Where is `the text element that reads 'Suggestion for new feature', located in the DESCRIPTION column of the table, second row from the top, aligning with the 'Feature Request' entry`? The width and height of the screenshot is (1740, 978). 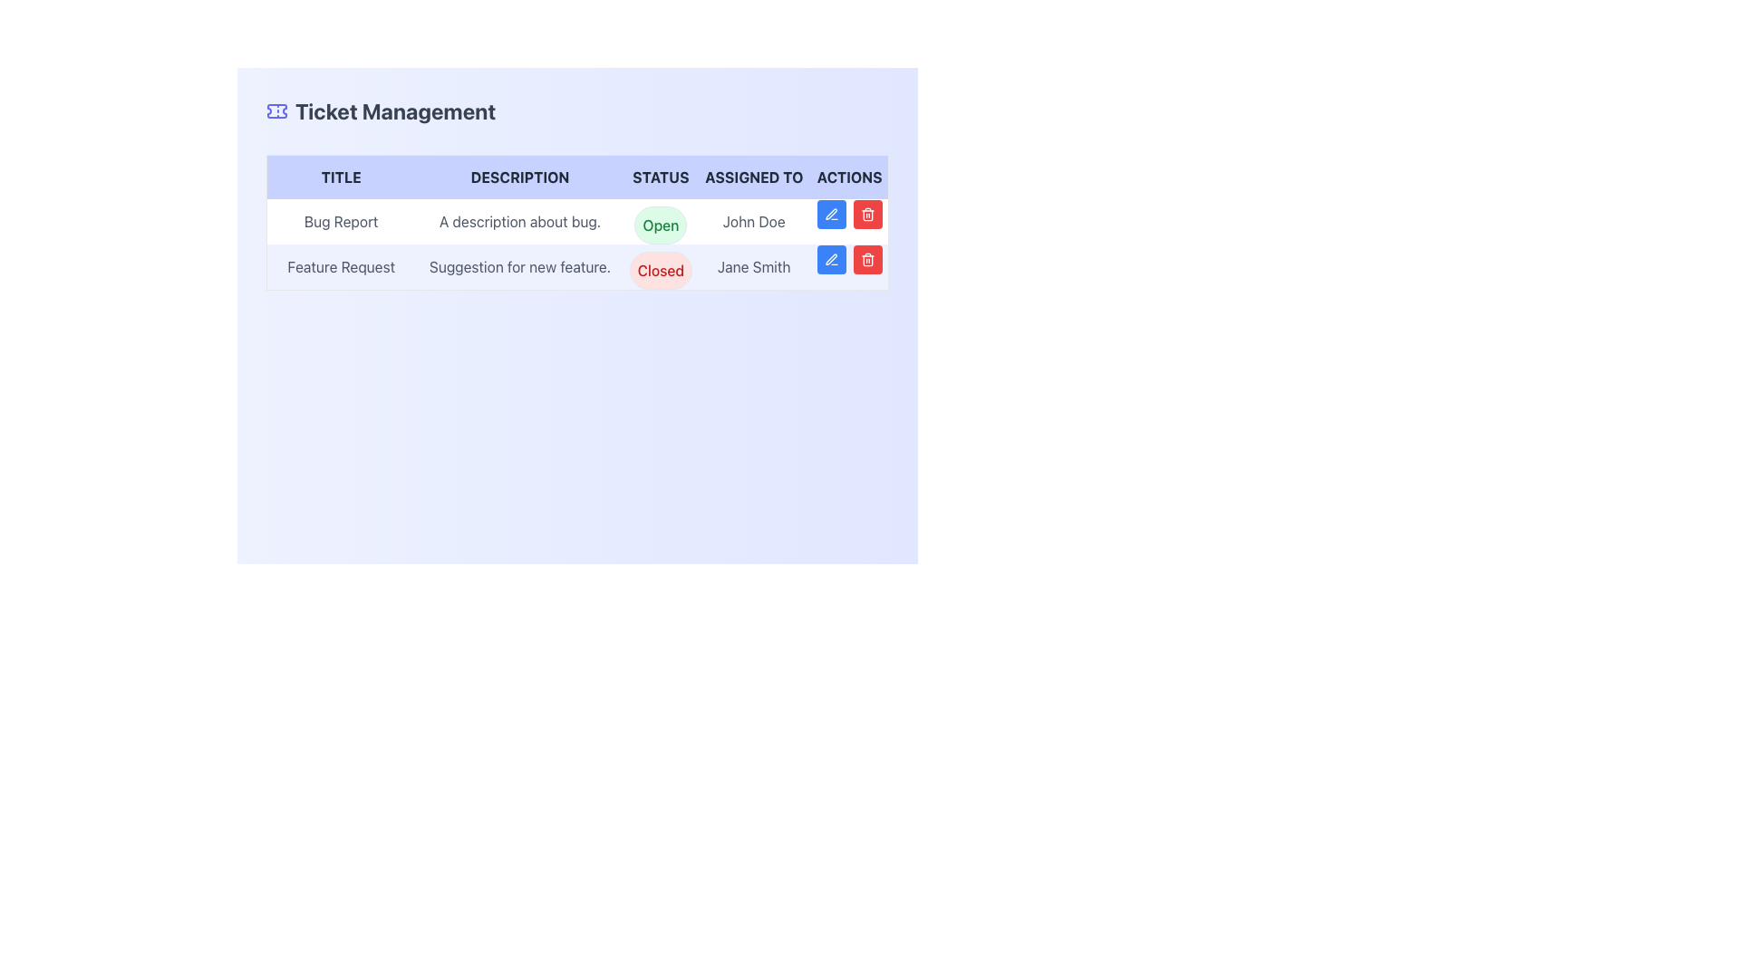 the text element that reads 'Suggestion for new feature', located in the DESCRIPTION column of the table, second row from the top, aligning with the 'Feature Request' entry is located at coordinates (519, 266).